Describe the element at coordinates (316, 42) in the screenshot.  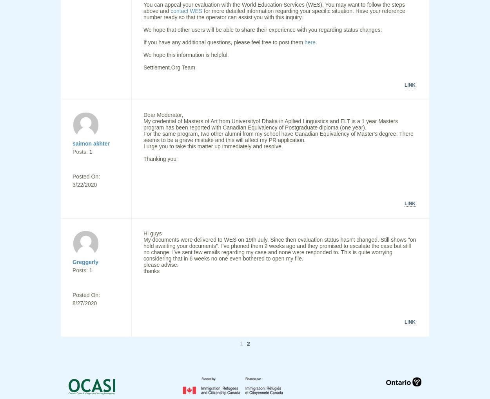
I see `'.'` at that location.